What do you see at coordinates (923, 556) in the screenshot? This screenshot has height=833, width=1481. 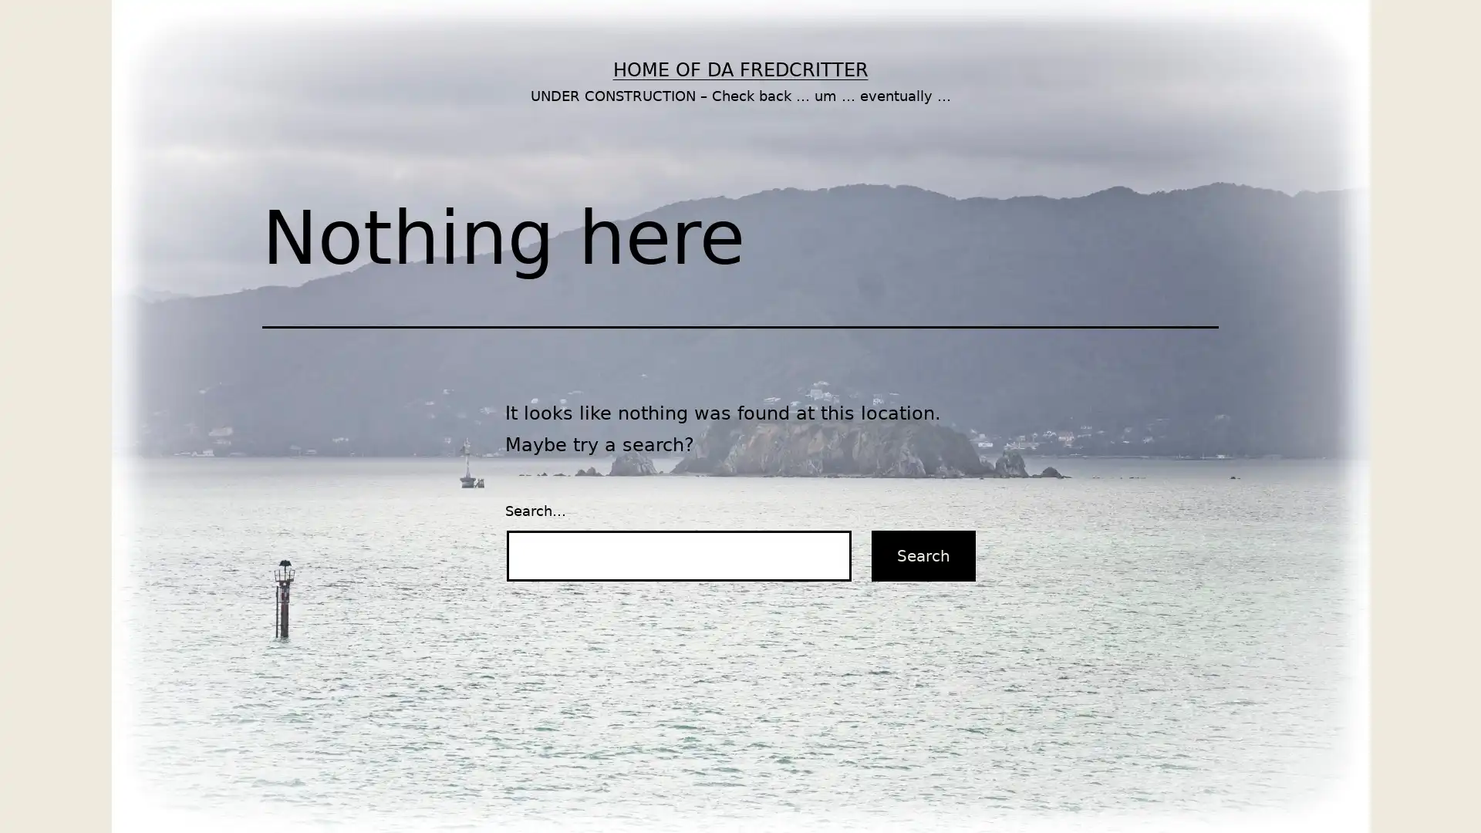 I see `Search` at bounding box center [923, 556].